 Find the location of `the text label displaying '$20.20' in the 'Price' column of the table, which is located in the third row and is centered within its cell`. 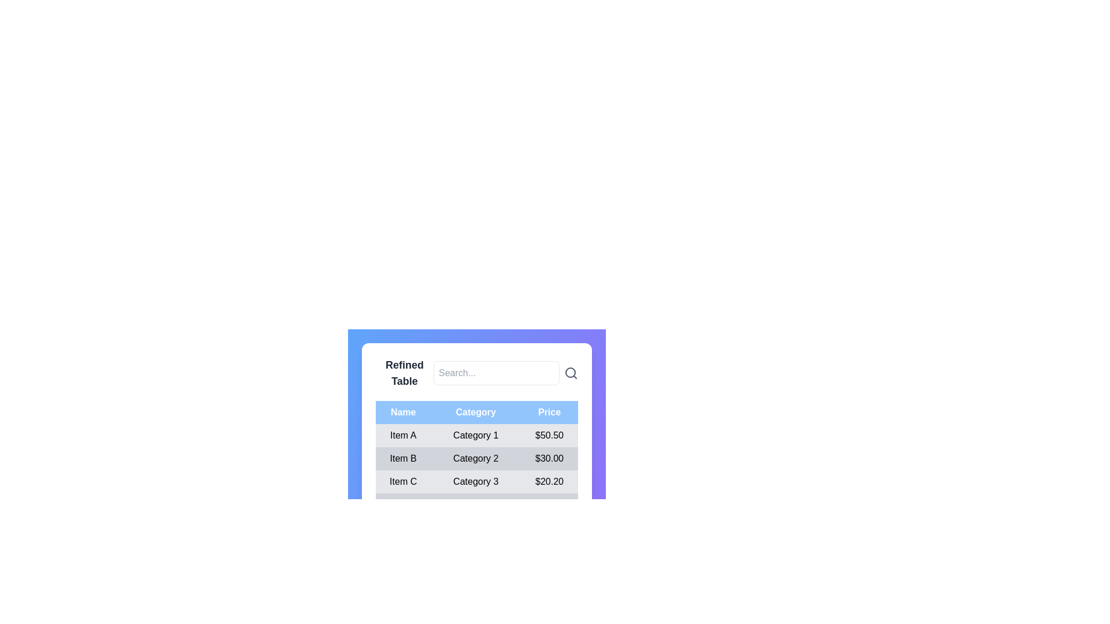

the text label displaying '$20.20' in the 'Price' column of the table, which is located in the third row and is centered within its cell is located at coordinates (549, 481).